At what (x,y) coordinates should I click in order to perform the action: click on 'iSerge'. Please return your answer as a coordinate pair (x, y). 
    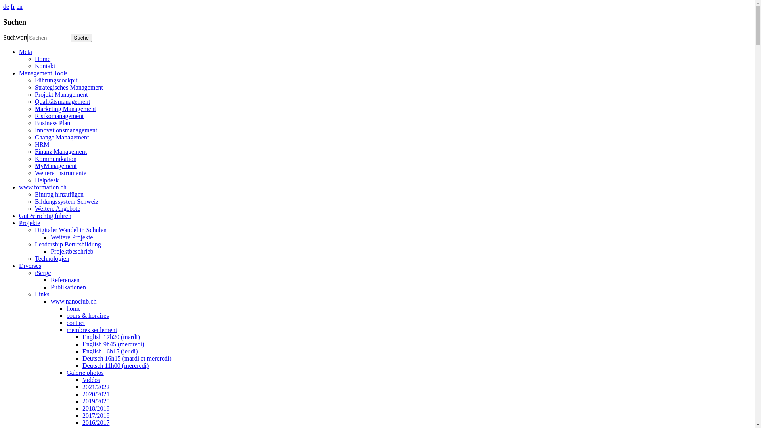
    Looking at the image, I should click on (42, 272).